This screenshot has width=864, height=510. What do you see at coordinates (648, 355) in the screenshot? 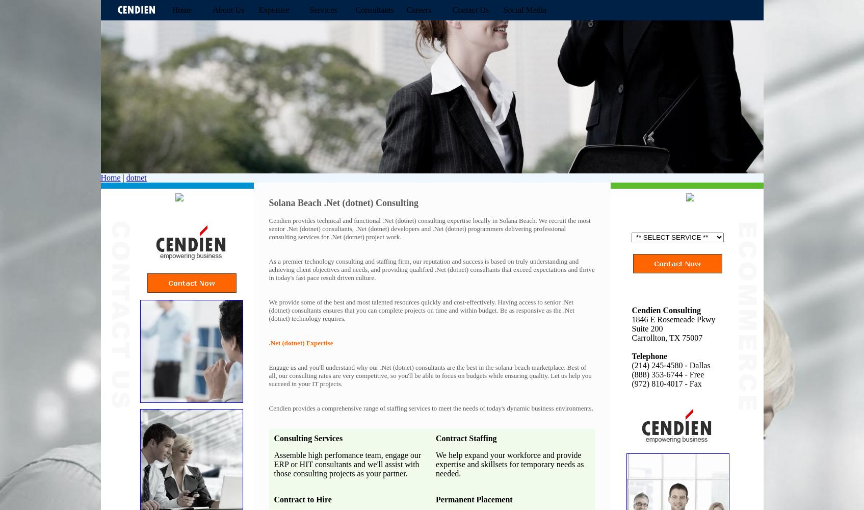
I see `'Telephone'` at bounding box center [648, 355].